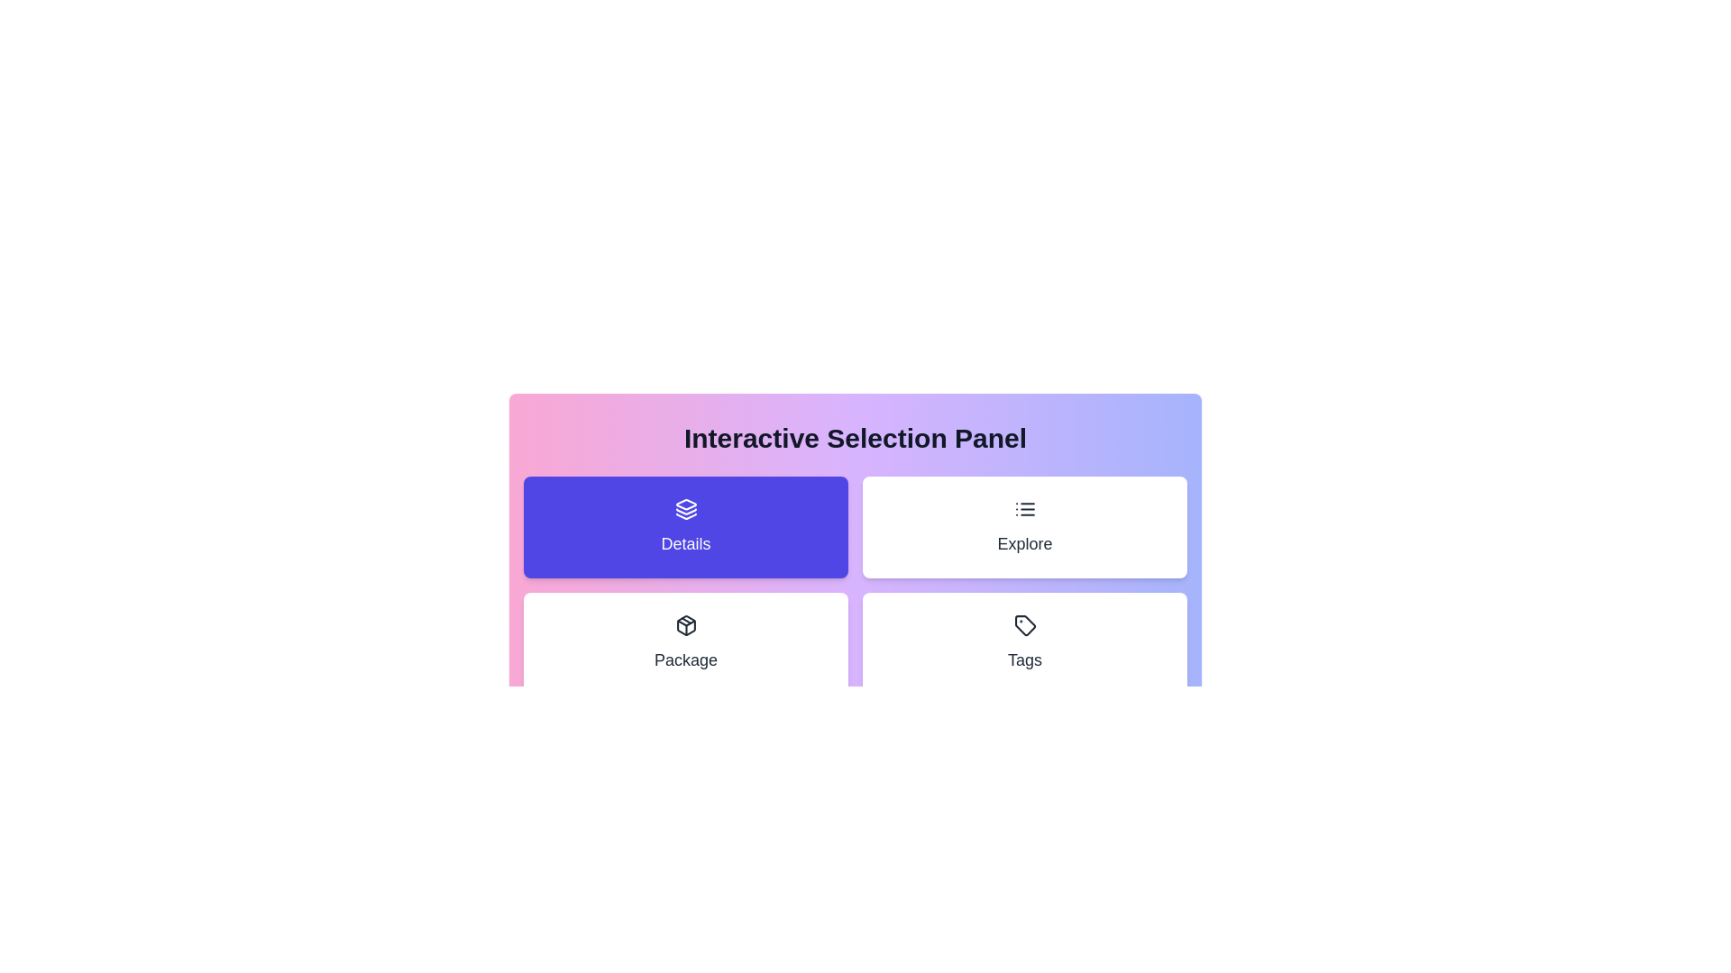 The image size is (1731, 973). What do you see at coordinates (685, 624) in the screenshot?
I see `the decorative icon located in the lower left card of the four-card grid, which represents the 'Package' selection` at bounding box center [685, 624].